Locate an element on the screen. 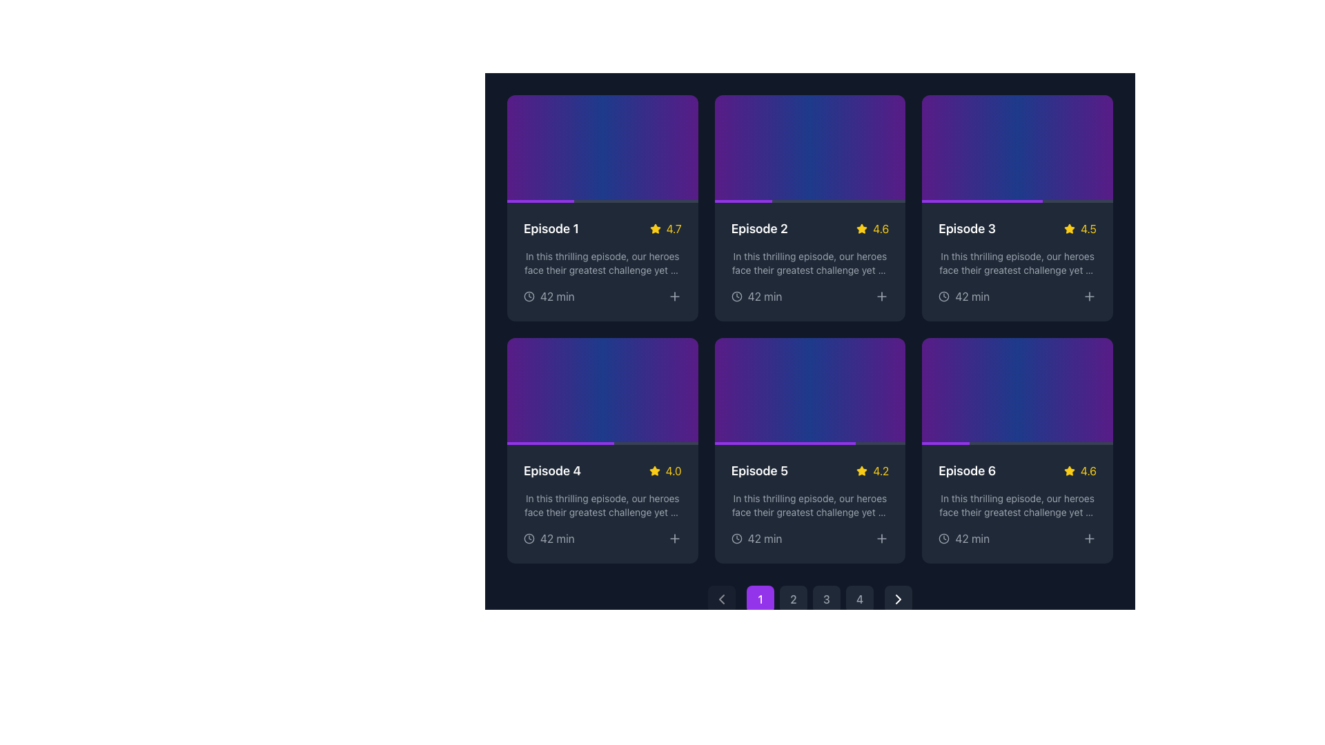 The image size is (1325, 745). the text element that provides a concise description or teaser about the content of Episode 1, located centrally within the first card in the first row of a grid layout is located at coordinates (602, 263).